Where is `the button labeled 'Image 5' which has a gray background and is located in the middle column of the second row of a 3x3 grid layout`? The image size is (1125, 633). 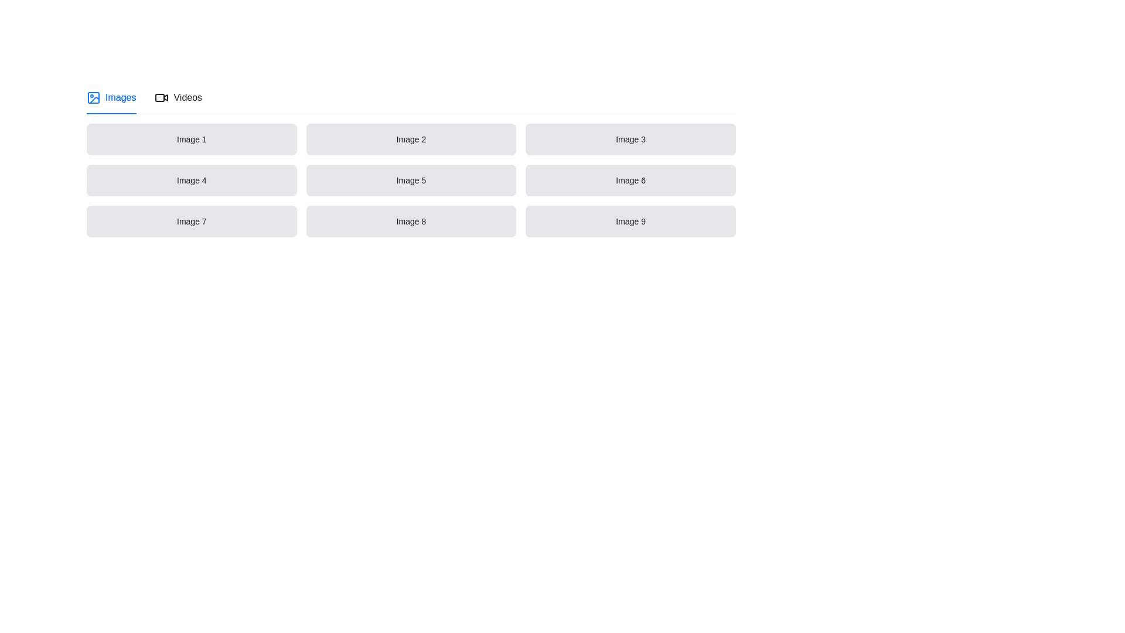
the button labeled 'Image 5' which has a gray background and is located in the middle column of the second row of a 3x3 grid layout is located at coordinates (411, 181).